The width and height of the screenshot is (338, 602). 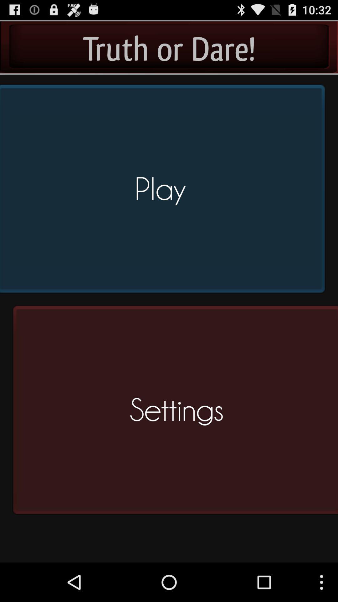 What do you see at coordinates (173, 413) in the screenshot?
I see `button at the bottom` at bounding box center [173, 413].